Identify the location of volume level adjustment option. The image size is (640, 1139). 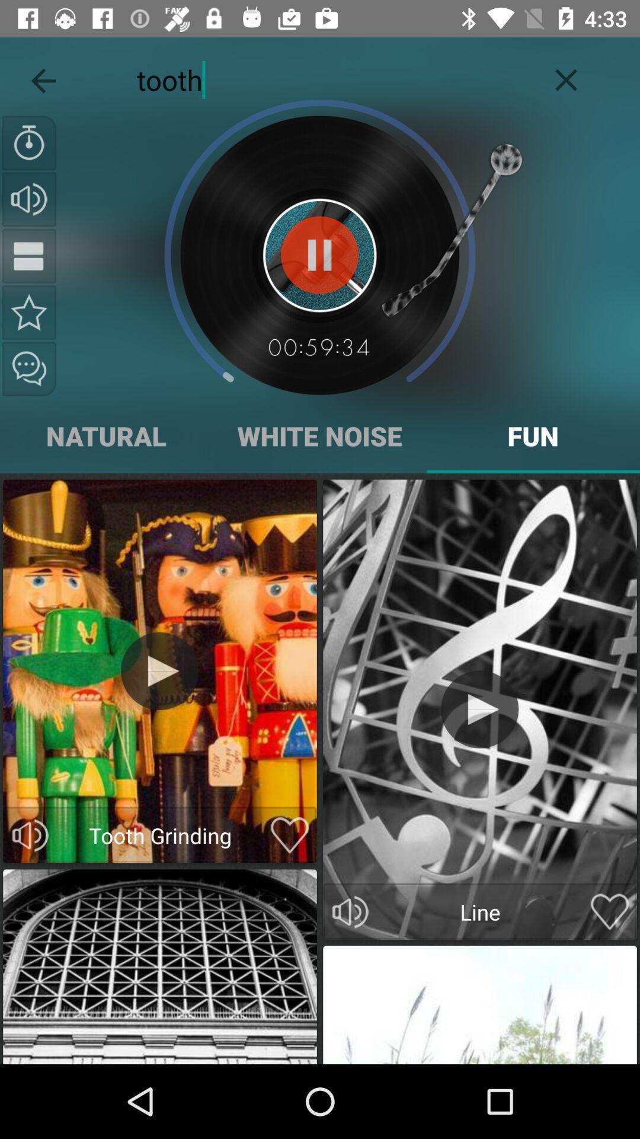
(350, 911).